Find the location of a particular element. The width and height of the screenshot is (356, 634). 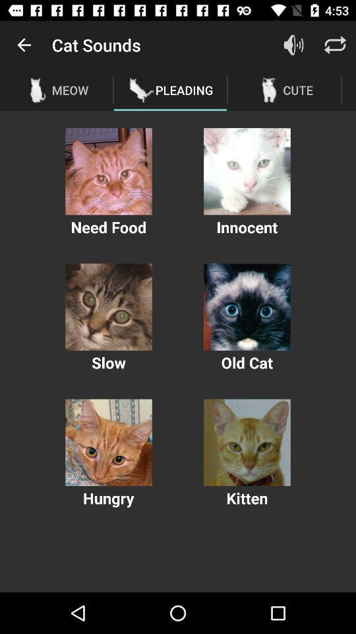

the need food sound is located at coordinates (108, 170).